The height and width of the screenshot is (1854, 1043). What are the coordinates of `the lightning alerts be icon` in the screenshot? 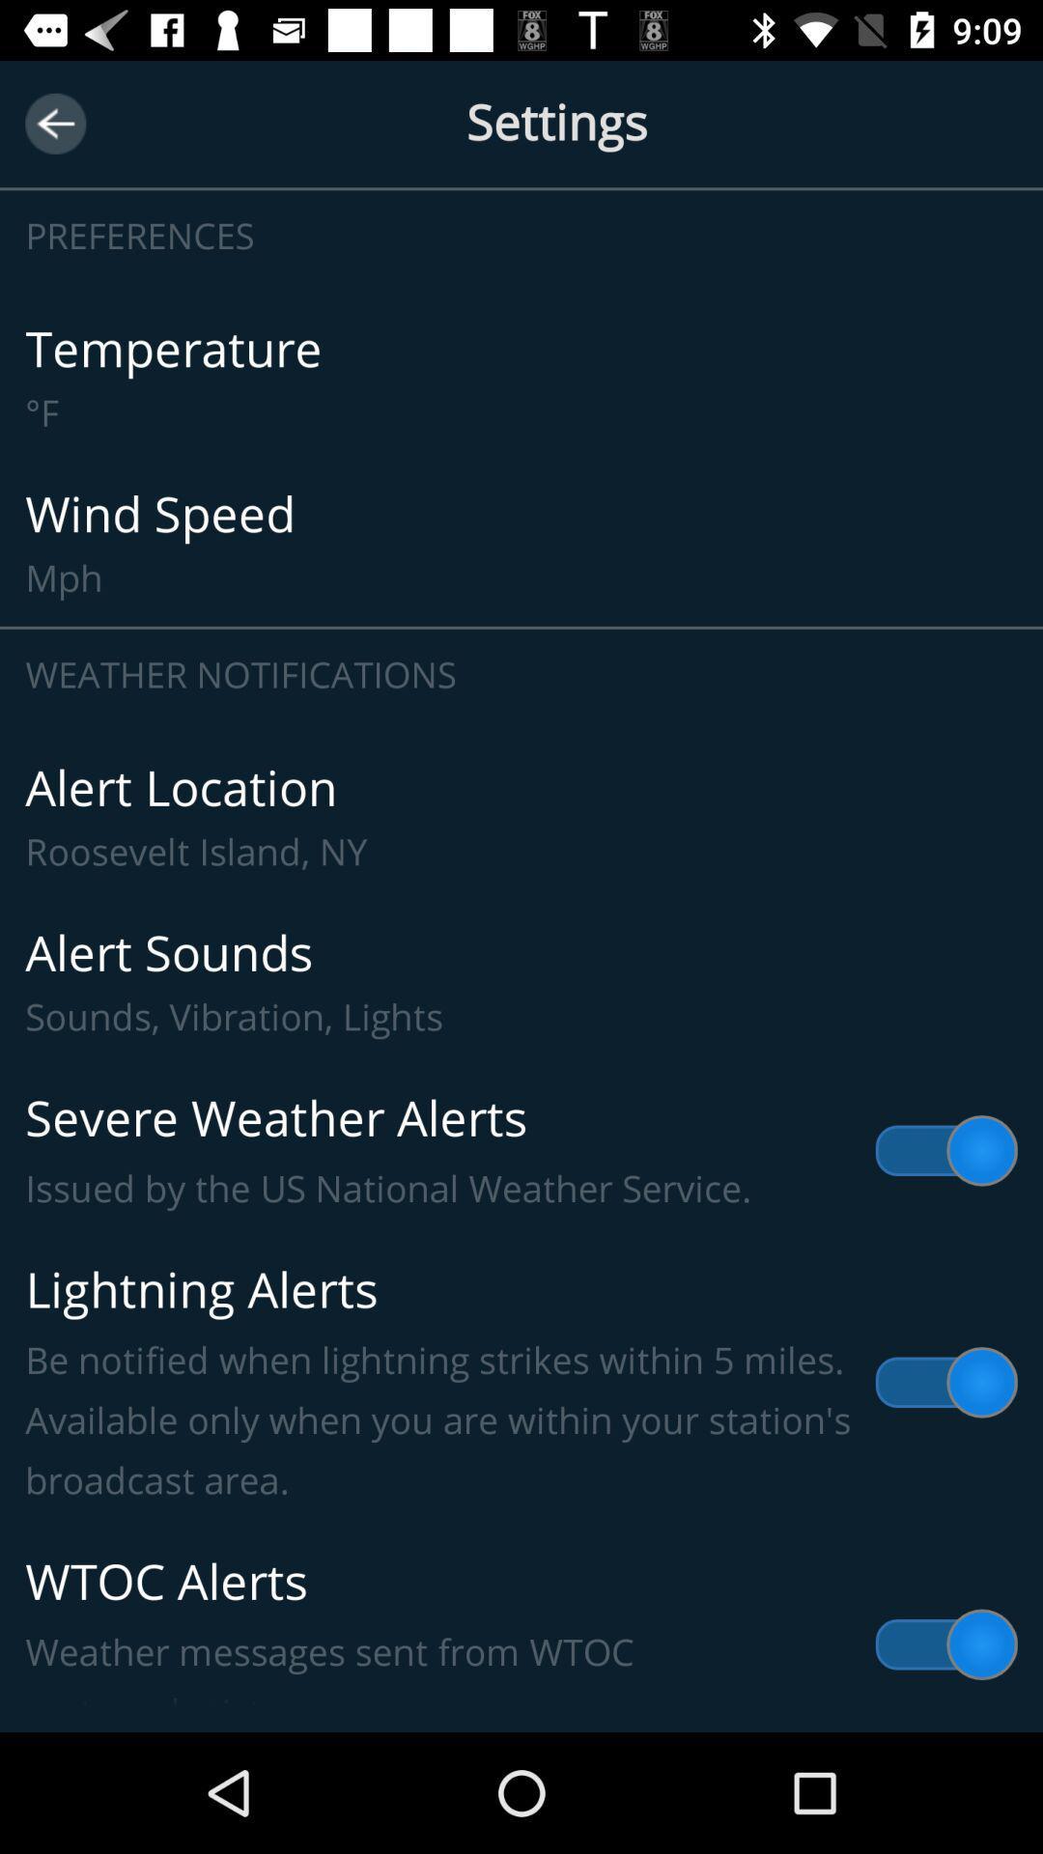 It's located at (521, 1382).